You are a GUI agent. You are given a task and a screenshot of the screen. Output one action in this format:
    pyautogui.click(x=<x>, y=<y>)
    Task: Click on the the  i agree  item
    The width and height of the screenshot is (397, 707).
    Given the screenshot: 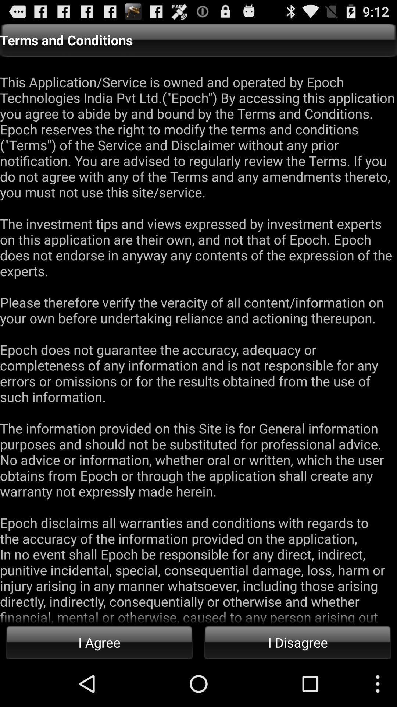 What is the action you would take?
    pyautogui.click(x=99, y=642)
    